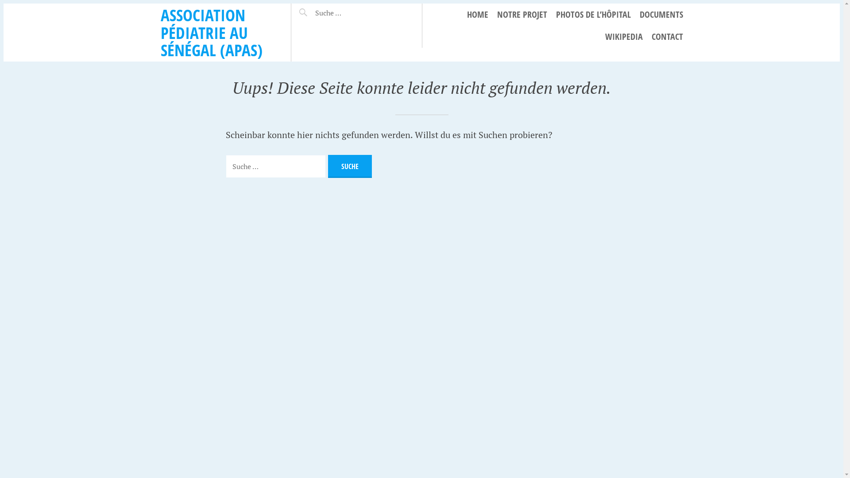 Image resolution: width=850 pixels, height=478 pixels. I want to click on 'HOME', so click(477, 15).